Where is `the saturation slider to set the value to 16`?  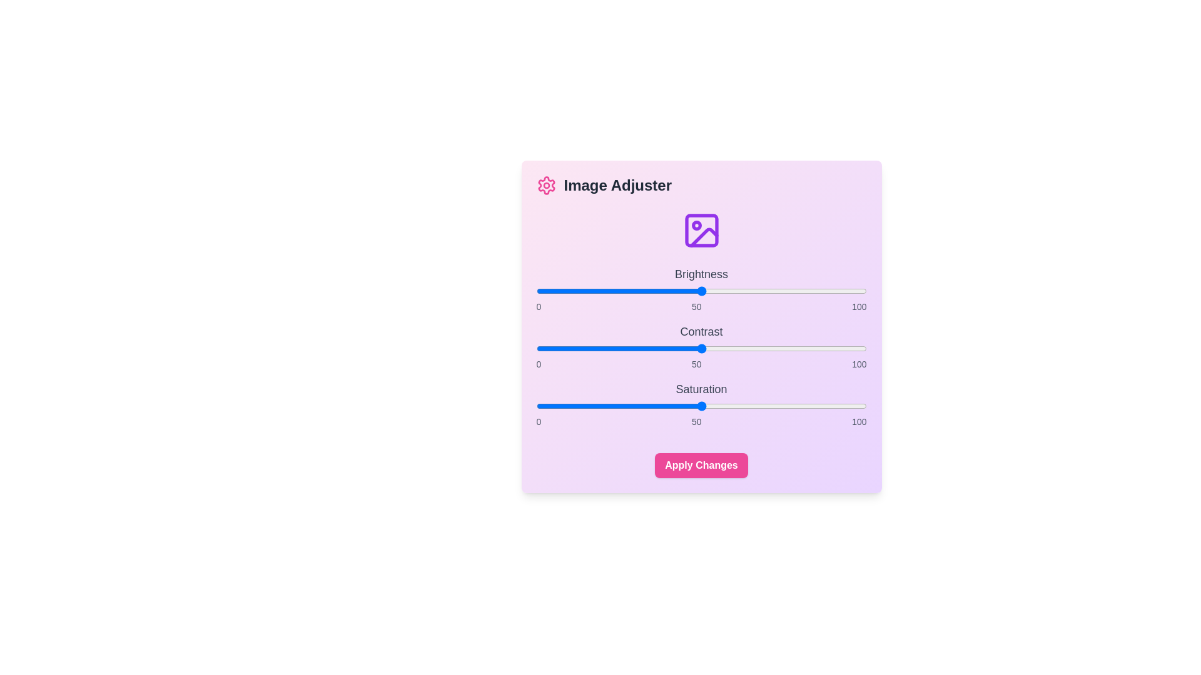 the saturation slider to set the value to 16 is located at coordinates (588, 406).